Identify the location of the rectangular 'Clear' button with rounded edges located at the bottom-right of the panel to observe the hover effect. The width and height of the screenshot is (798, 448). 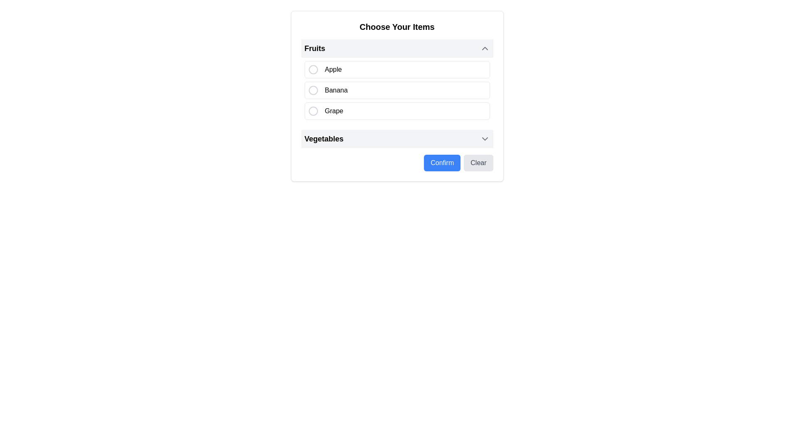
(478, 163).